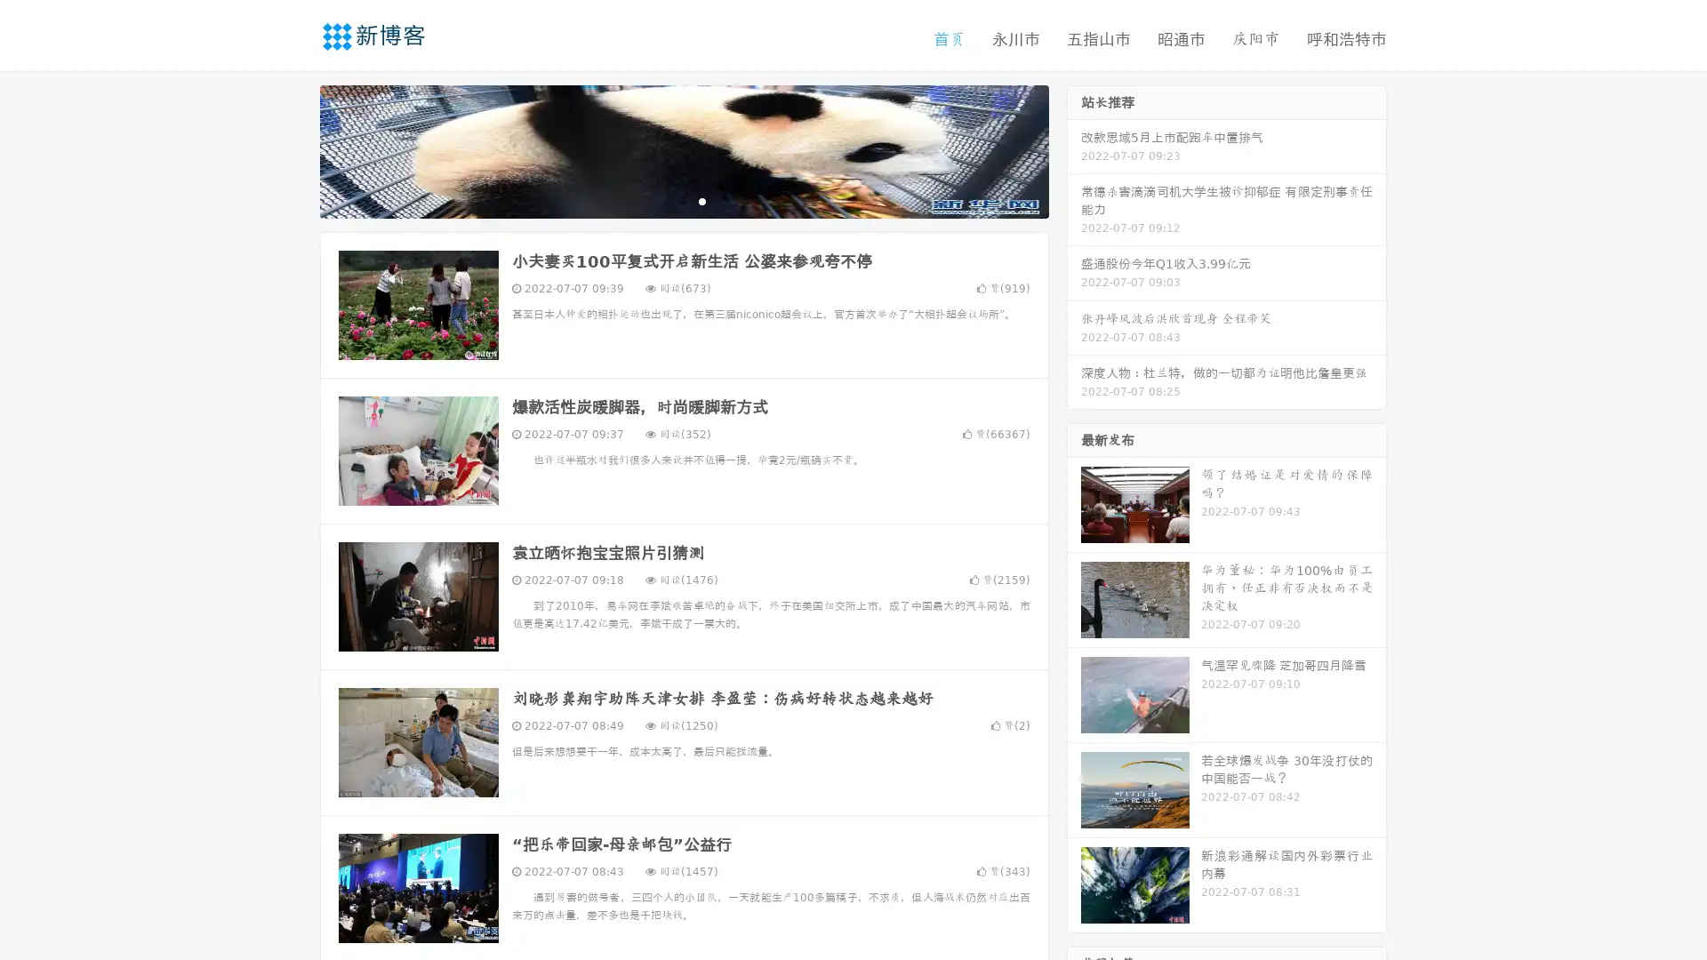  What do you see at coordinates (665, 200) in the screenshot?
I see `Go to slide 1` at bounding box center [665, 200].